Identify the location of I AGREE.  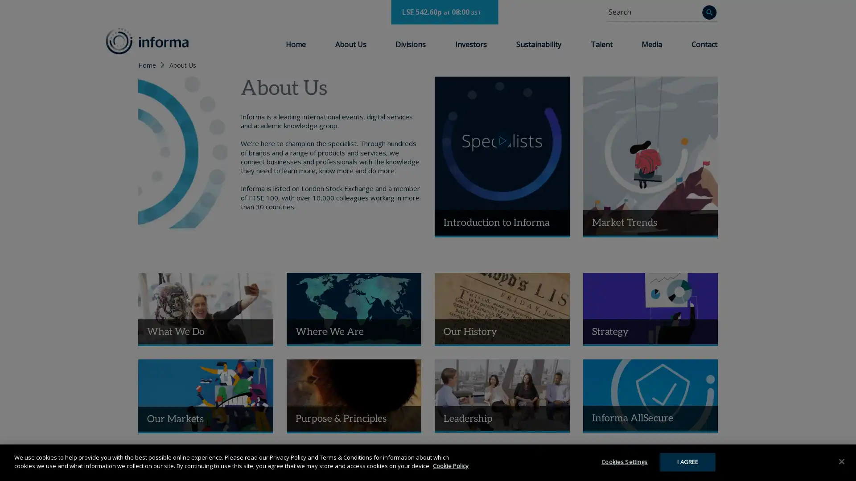
(687, 461).